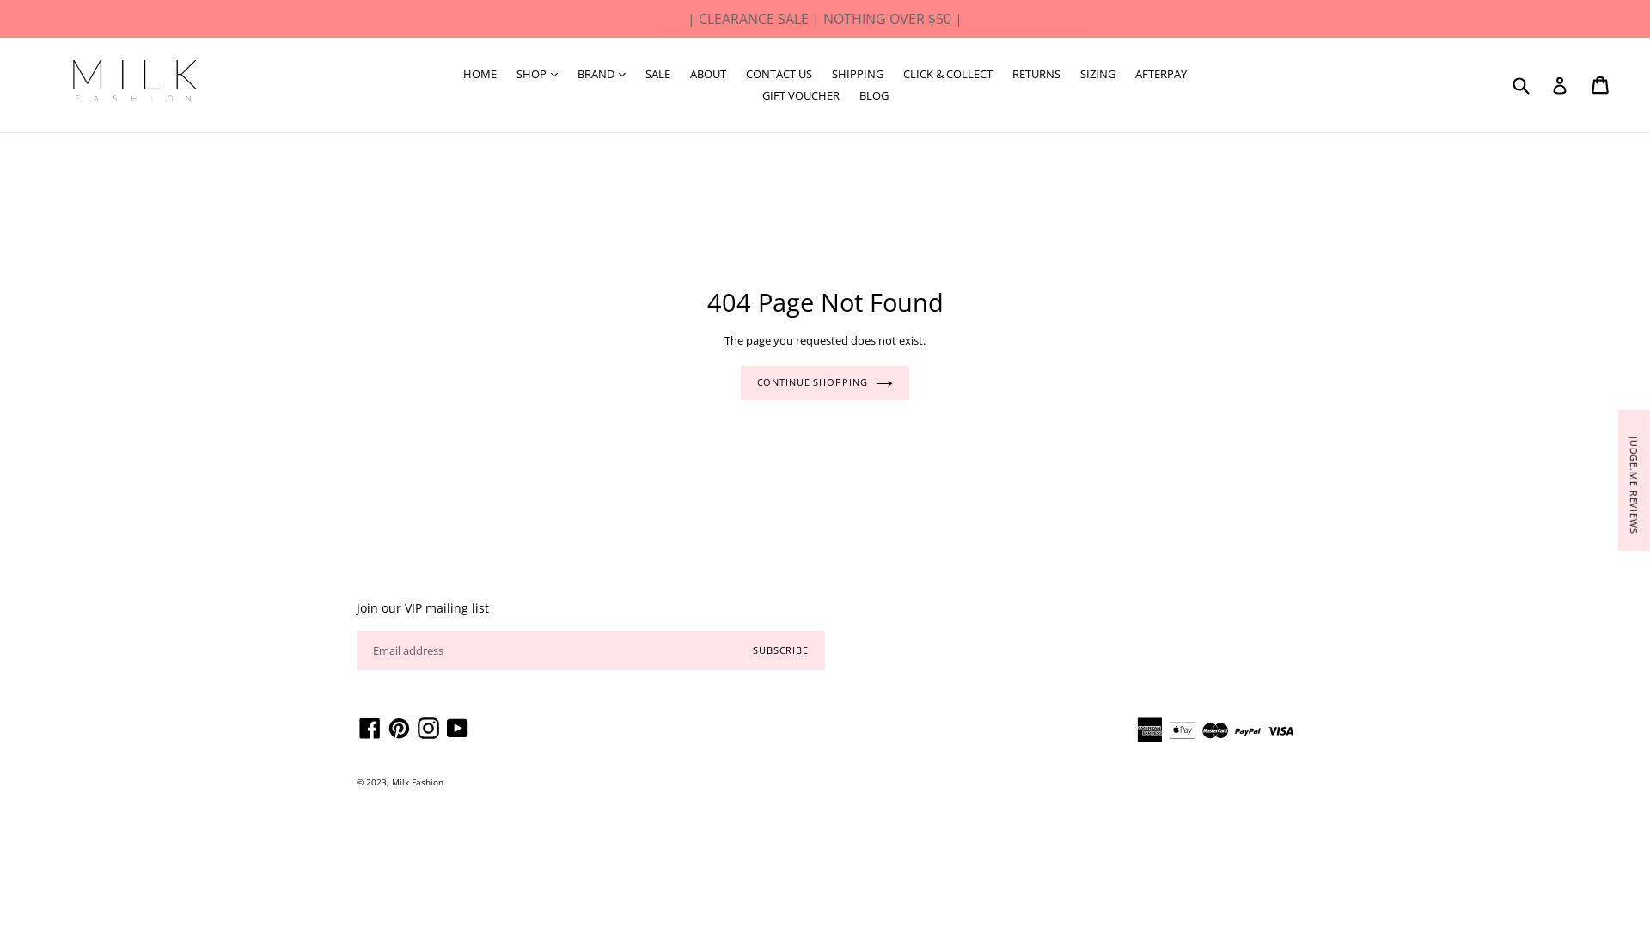 The image size is (1650, 928). I want to click on 'YouTube', so click(457, 728).